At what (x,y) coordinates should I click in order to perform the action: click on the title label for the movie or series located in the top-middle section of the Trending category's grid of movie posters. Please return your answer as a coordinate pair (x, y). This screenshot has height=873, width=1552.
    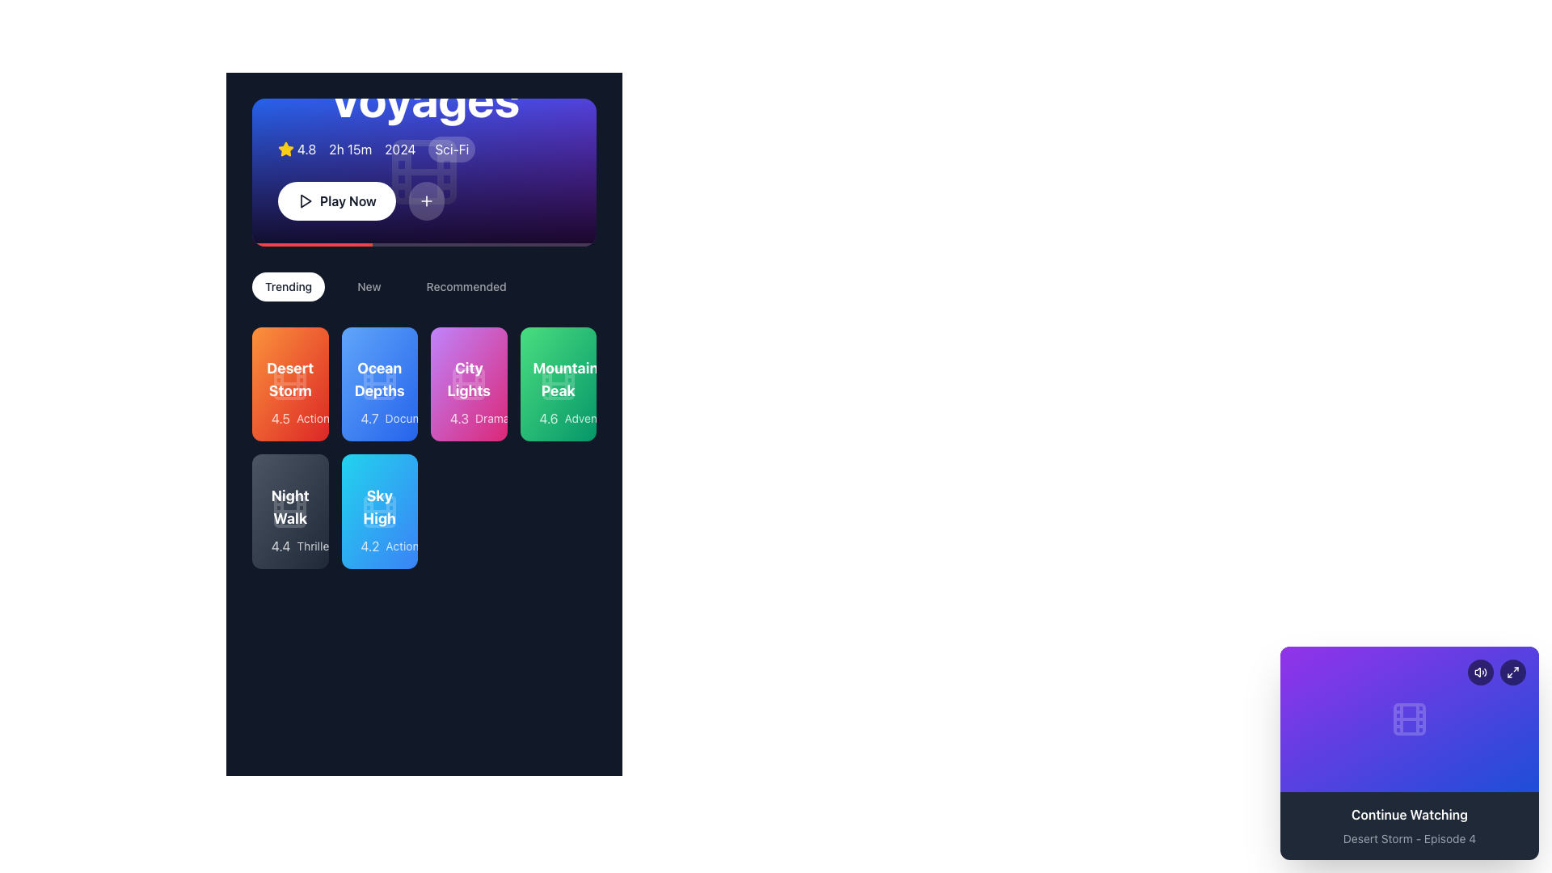
    Looking at the image, I should click on (468, 380).